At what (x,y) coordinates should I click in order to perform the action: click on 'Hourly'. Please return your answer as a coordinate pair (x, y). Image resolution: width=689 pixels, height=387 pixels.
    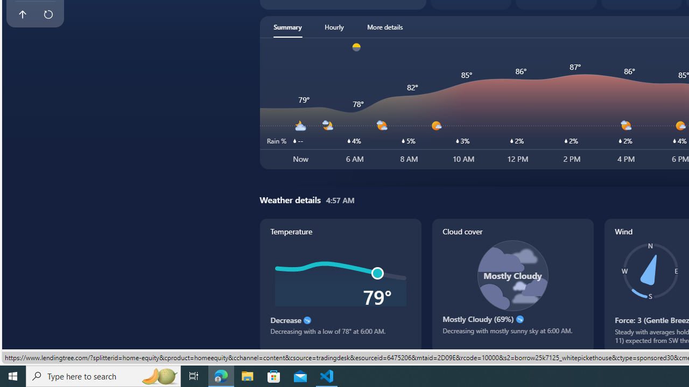
    Looking at the image, I should click on (333, 26).